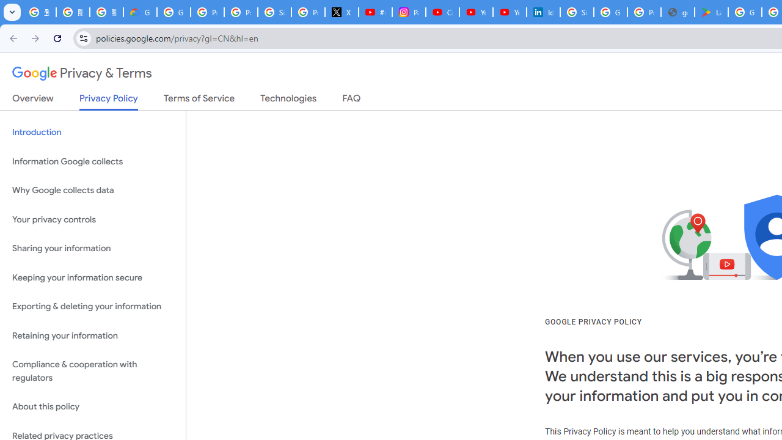 This screenshot has height=440, width=782. What do you see at coordinates (92, 306) in the screenshot?
I see `'Exporting & deleting your information'` at bounding box center [92, 306].